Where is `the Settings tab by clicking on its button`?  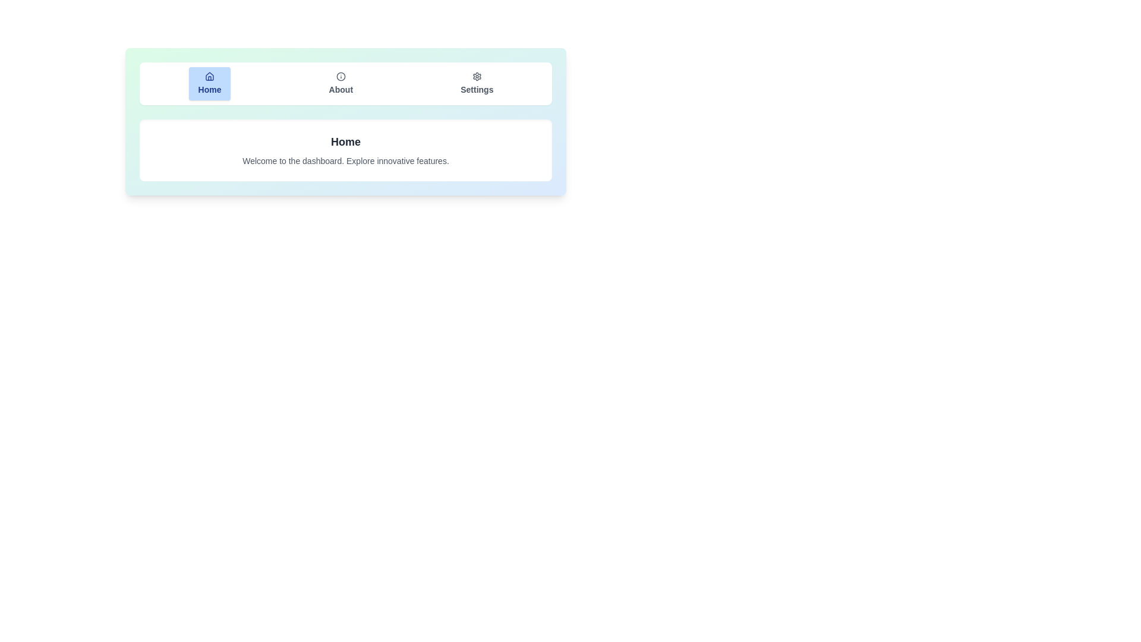 the Settings tab by clicking on its button is located at coordinates (477, 83).